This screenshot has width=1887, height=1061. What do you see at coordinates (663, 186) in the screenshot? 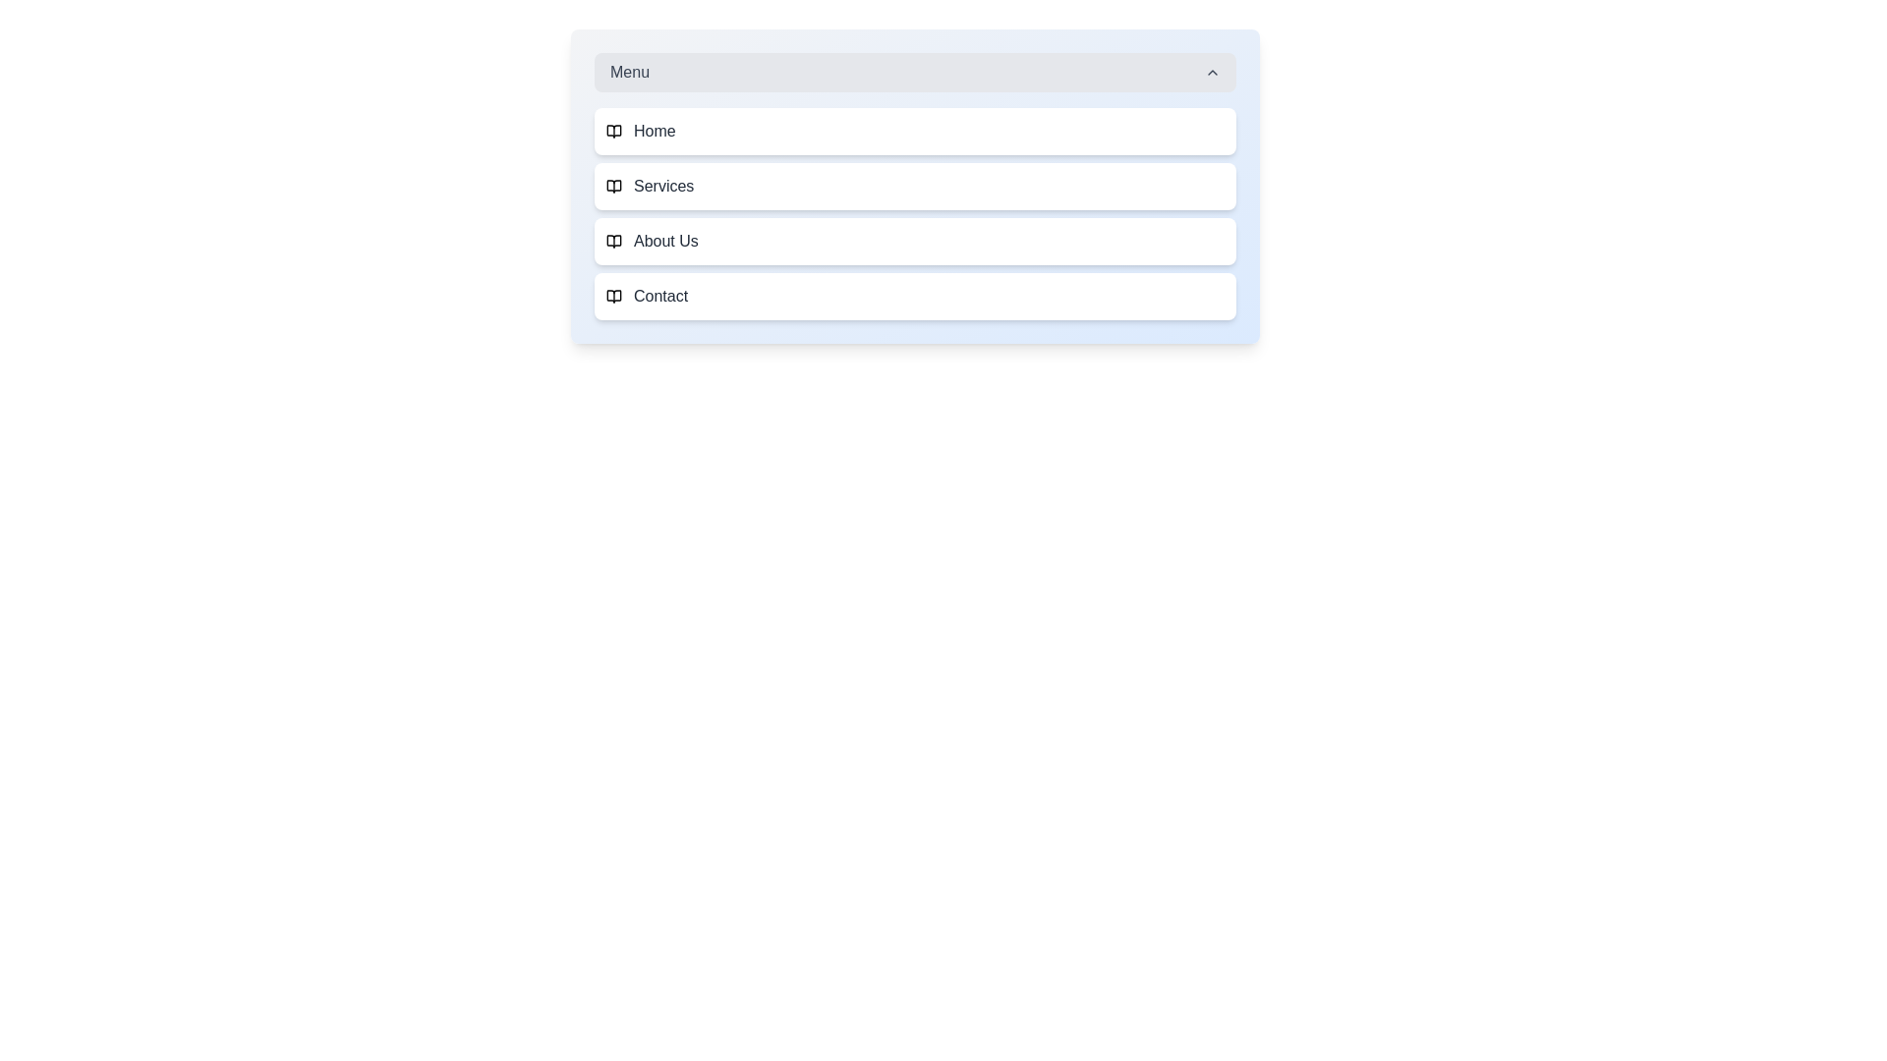
I see `text content of the 'Services' label in the menu, which is the second item from the top and located to the right of a book icon` at bounding box center [663, 186].